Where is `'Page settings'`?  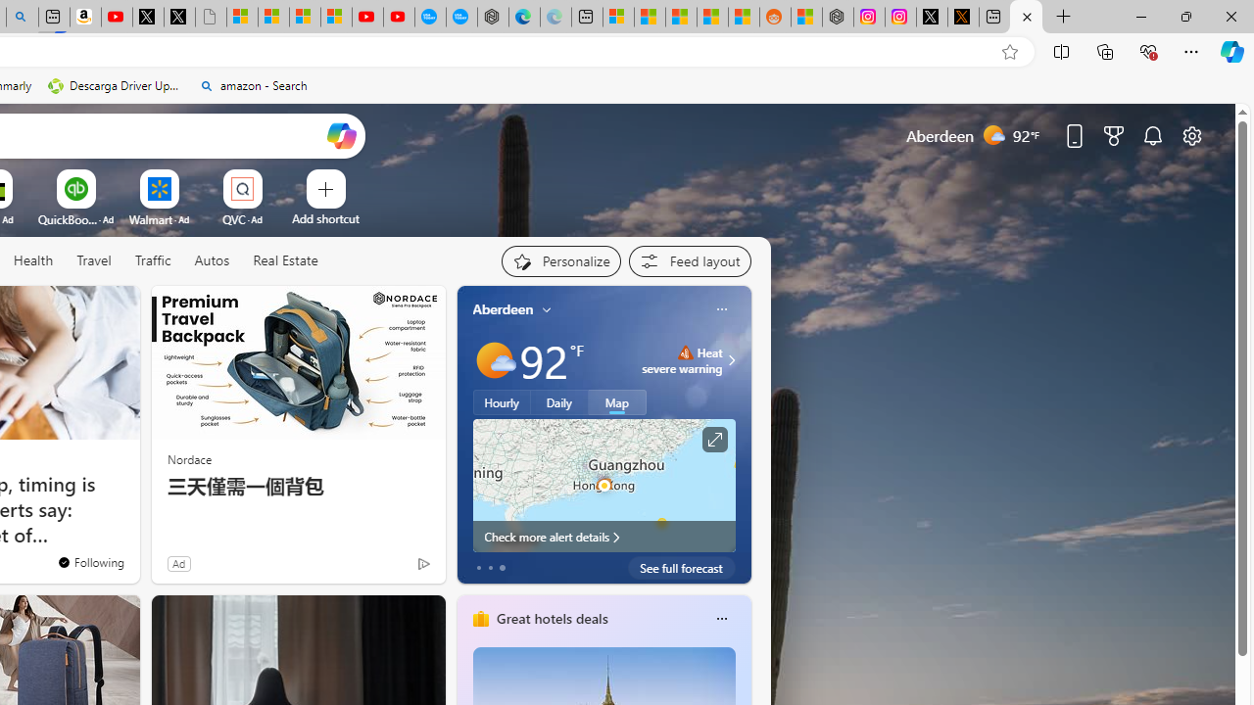 'Page settings' is located at coordinates (1190, 134).